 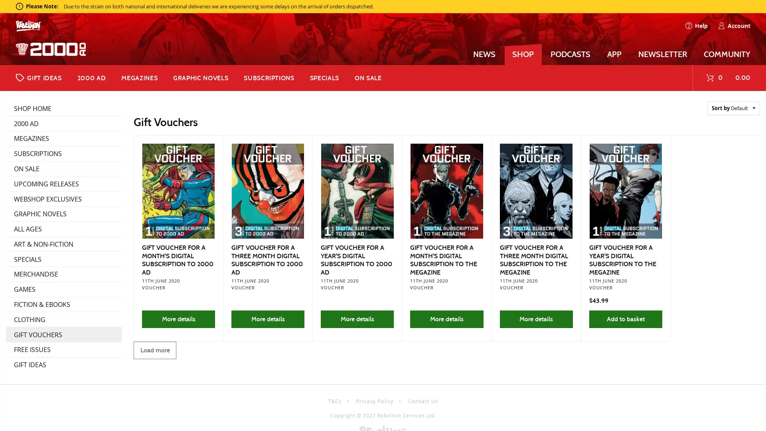 I want to click on More details, so click(x=178, y=318).